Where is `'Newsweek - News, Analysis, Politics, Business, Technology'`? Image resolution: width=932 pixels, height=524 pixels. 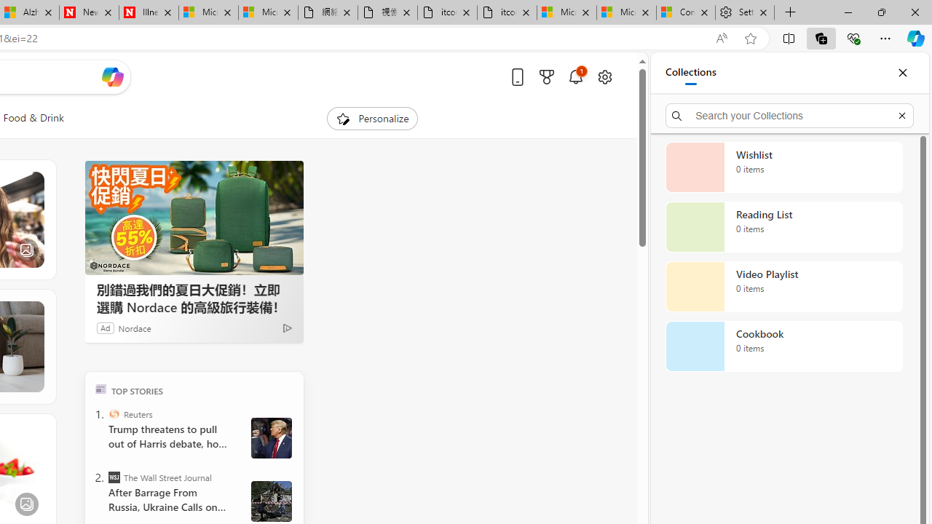
'Newsweek - News, Analysis, Politics, Business, Technology' is located at coordinates (88, 12).